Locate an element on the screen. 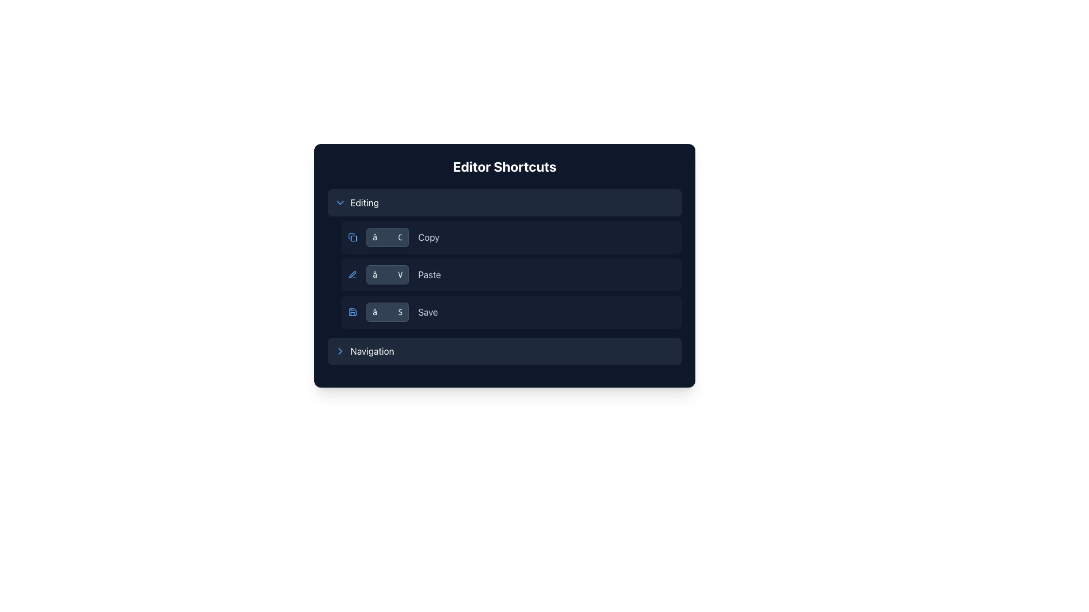 Image resolution: width=1089 pixels, height=612 pixels. the right-facing chevron arrow icon, which is styled with a thin stroked line and blue color, located to the left of the 'Navigation' text in the bottom-most row of options is located at coordinates (340, 351).